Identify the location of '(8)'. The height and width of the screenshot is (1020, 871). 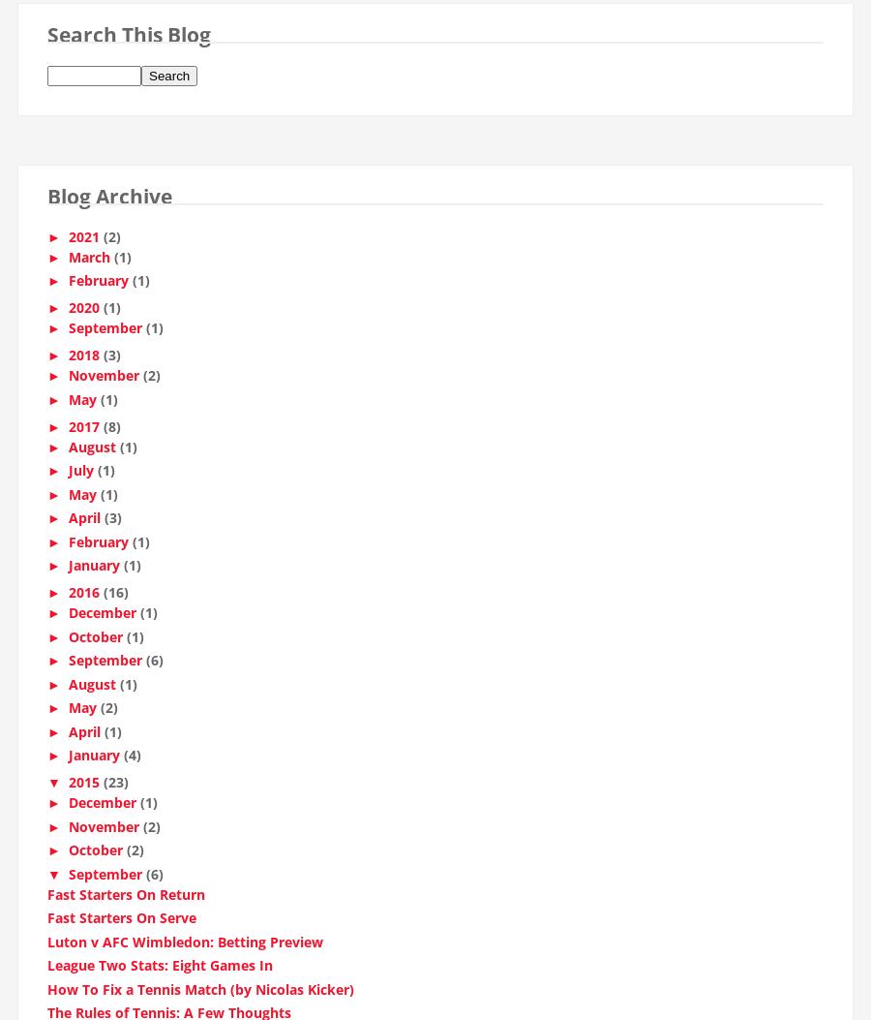
(111, 432).